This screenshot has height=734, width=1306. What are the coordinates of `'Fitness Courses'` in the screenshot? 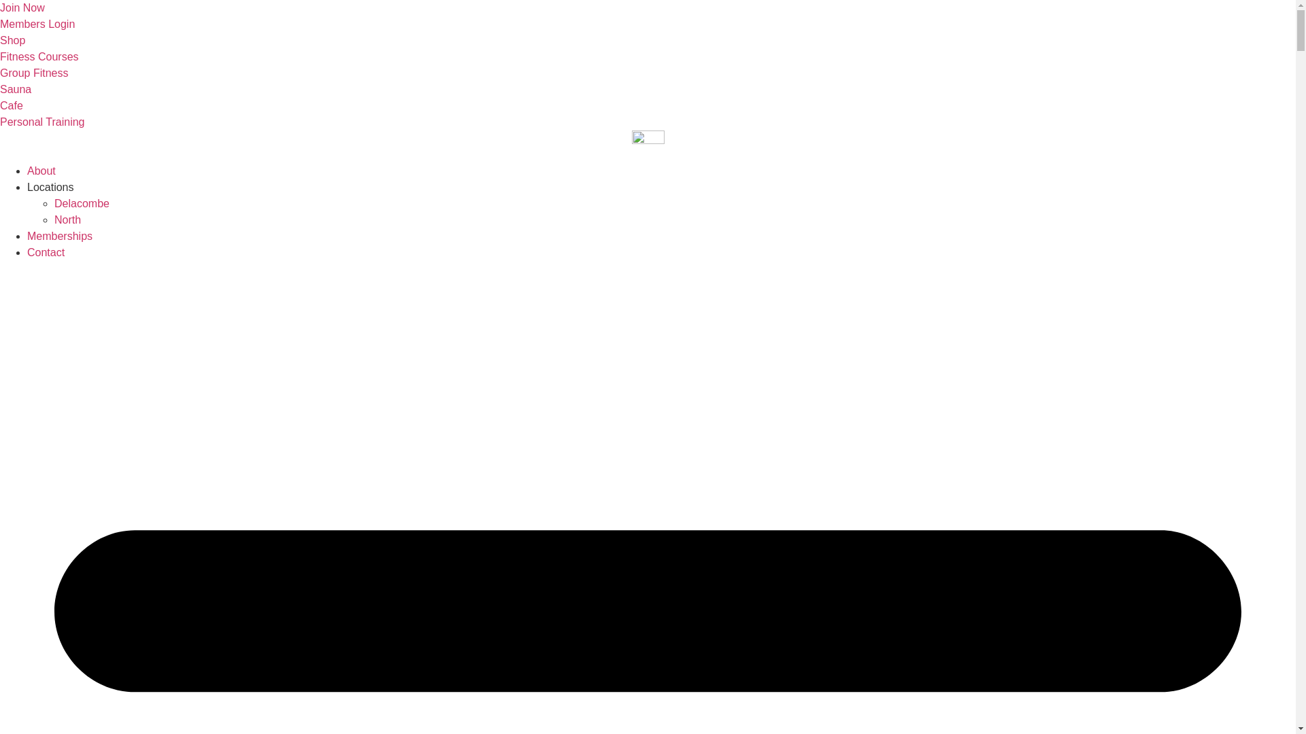 It's located at (0, 56).